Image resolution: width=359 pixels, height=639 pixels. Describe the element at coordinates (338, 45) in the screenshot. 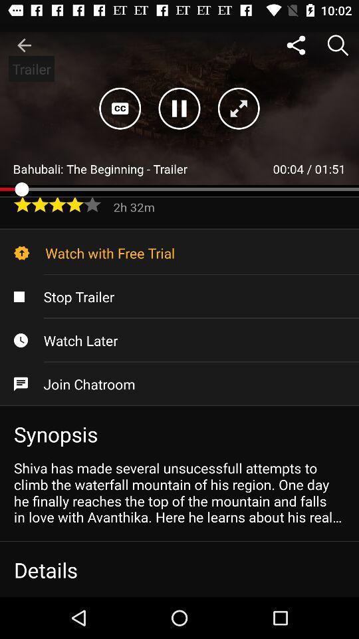

I see `search icon` at that location.